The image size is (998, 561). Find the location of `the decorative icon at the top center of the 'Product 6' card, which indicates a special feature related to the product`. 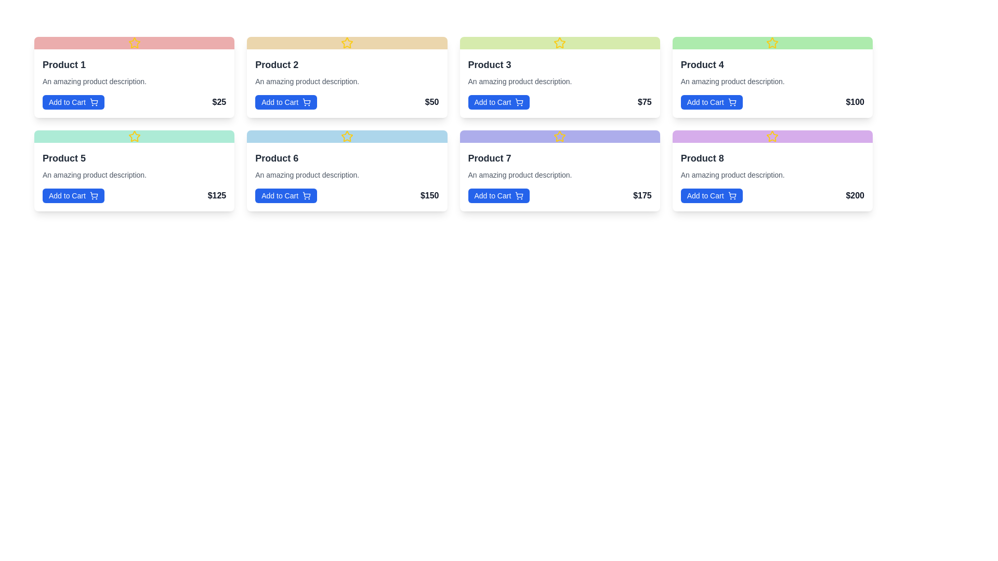

the decorative icon at the top center of the 'Product 6' card, which indicates a special feature related to the product is located at coordinates (347, 136).